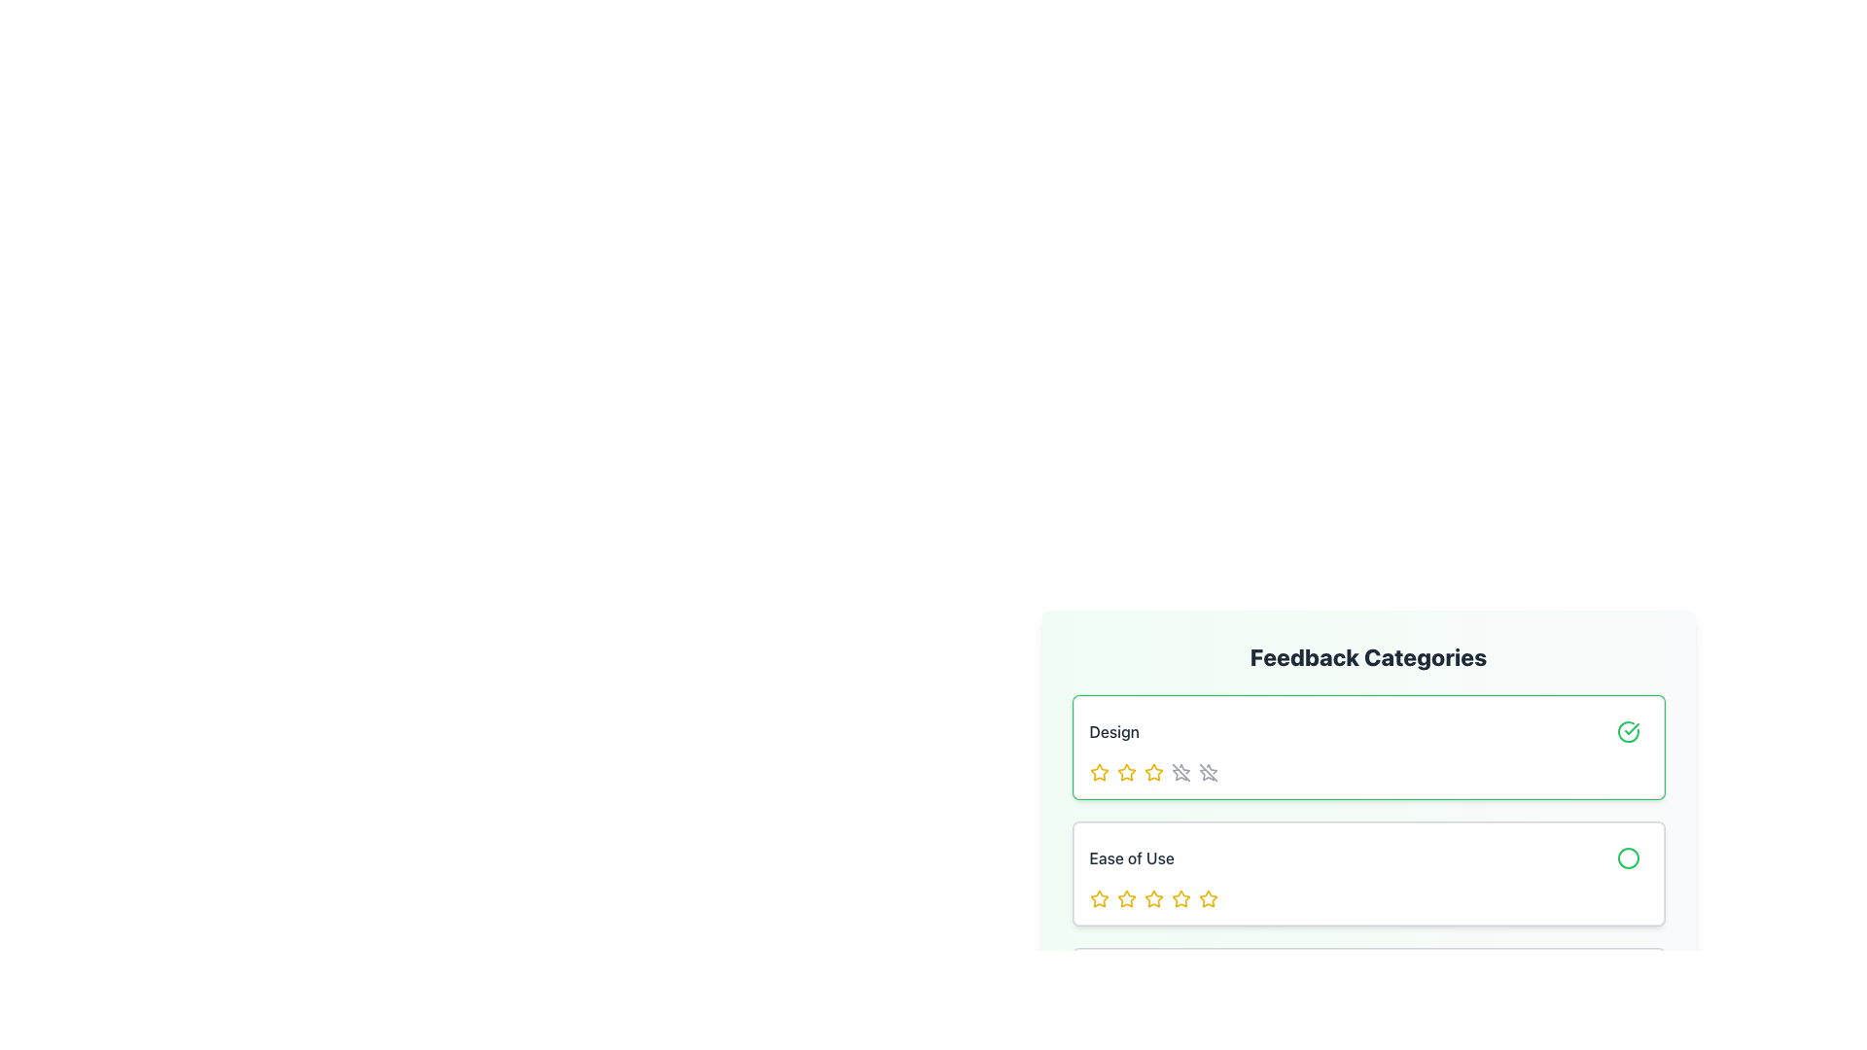  I want to click on the fourth star icon in the rating component under the 'Design' label, so click(1183, 768).